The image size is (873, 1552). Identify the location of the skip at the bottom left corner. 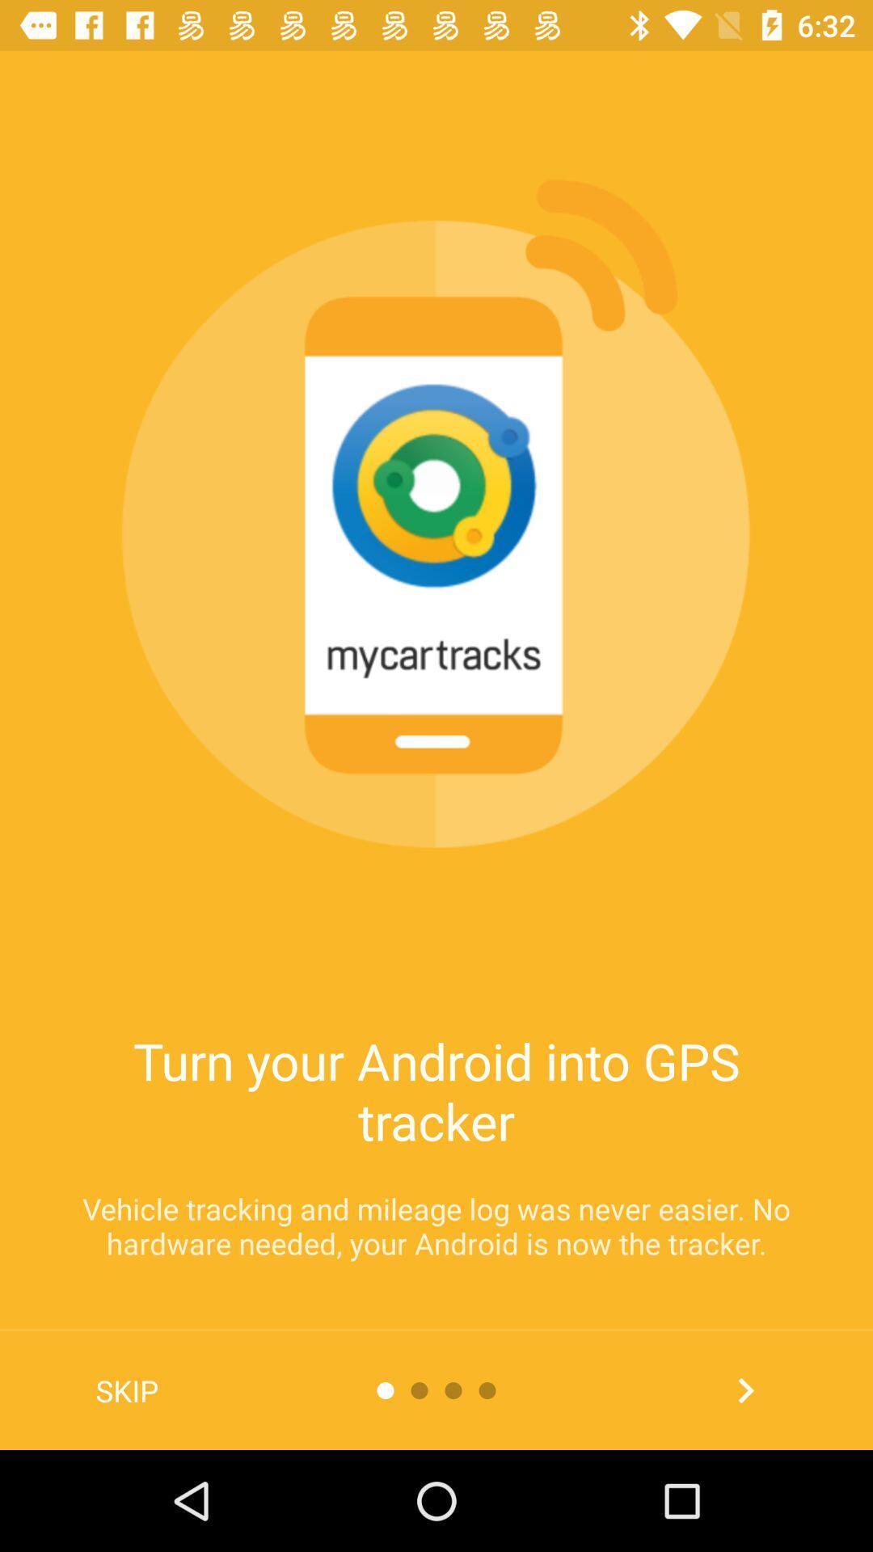
(126, 1390).